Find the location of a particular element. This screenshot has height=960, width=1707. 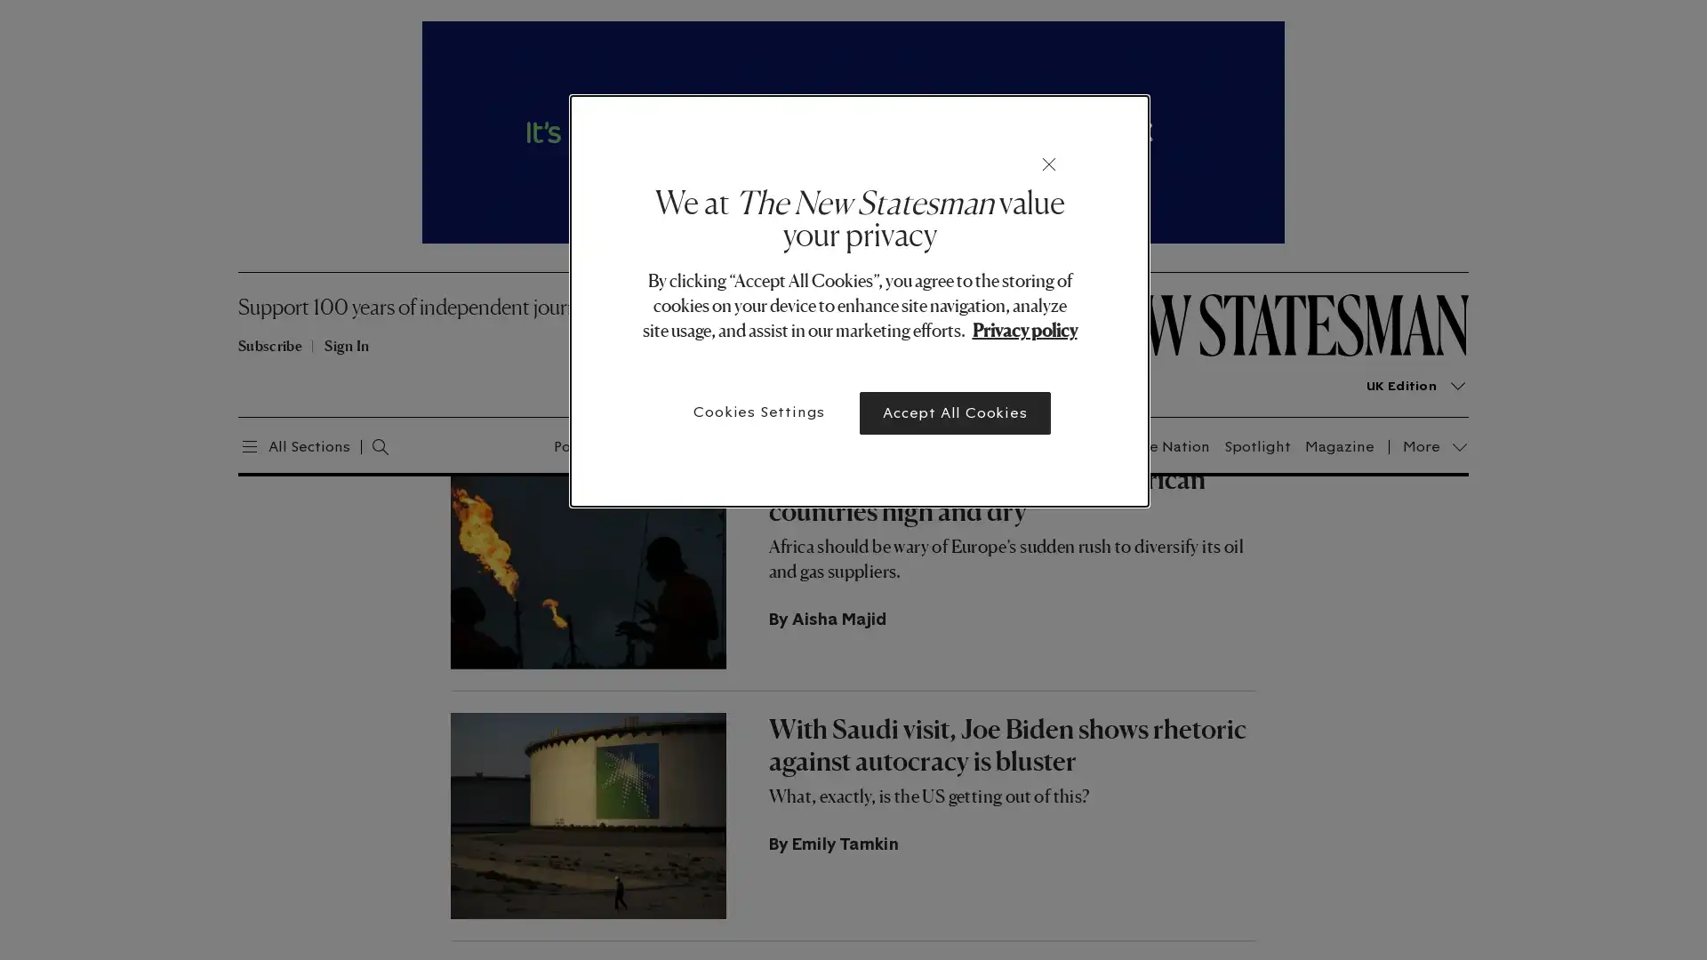

Close is located at coordinates (1049, 164).